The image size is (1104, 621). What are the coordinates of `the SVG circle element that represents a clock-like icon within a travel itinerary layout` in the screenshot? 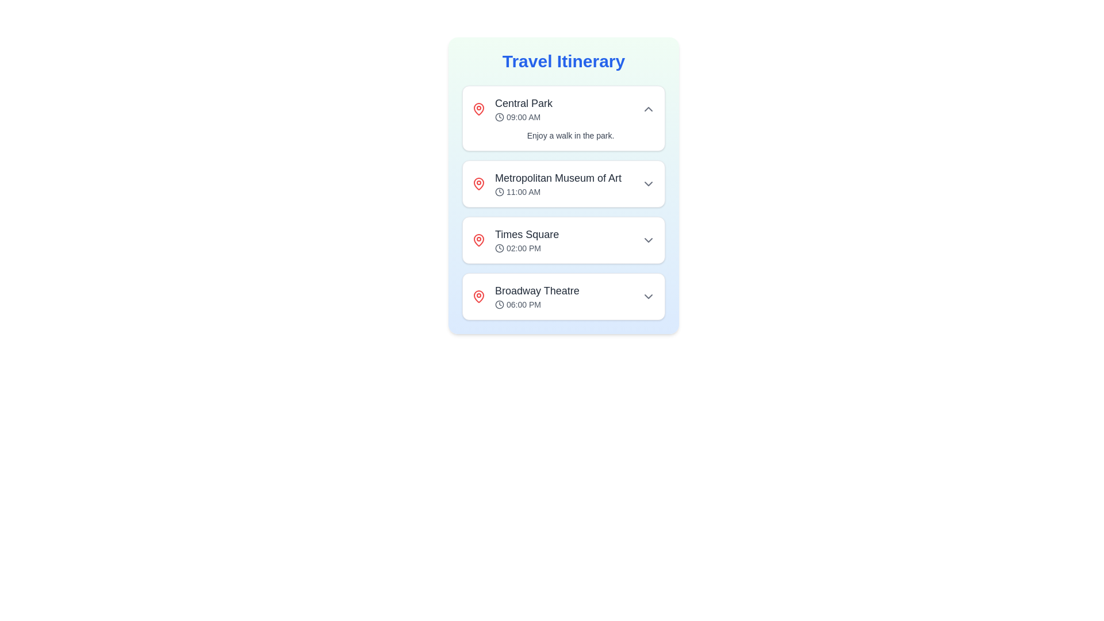 It's located at (499, 117).